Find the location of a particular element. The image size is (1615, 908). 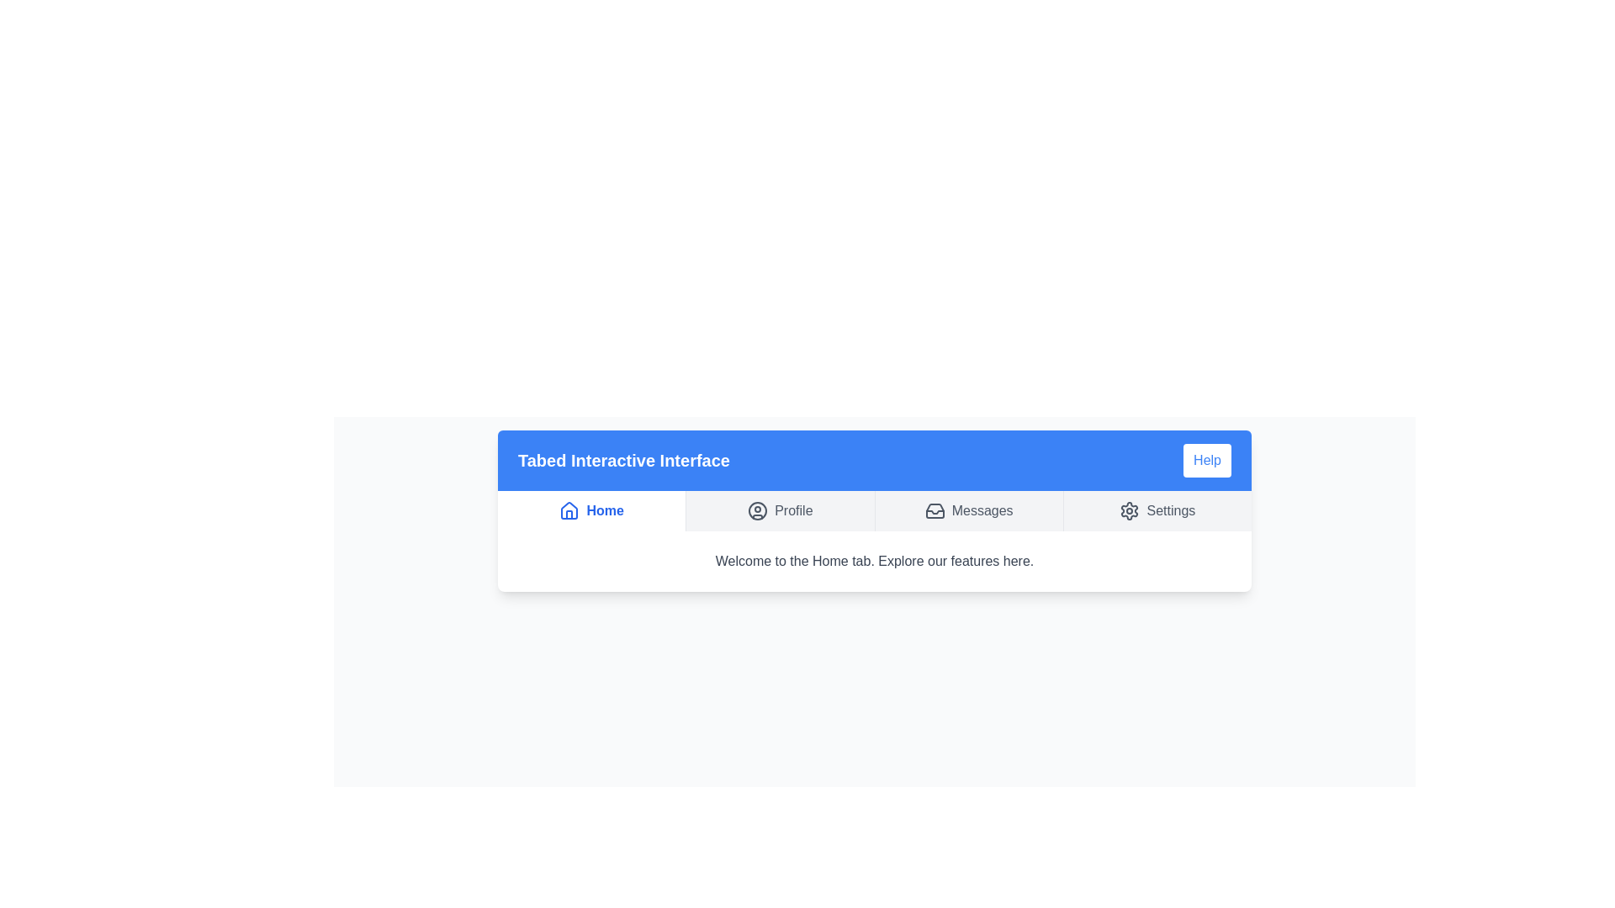

the 'Profile' icon in the navigation bar is located at coordinates (757, 510).